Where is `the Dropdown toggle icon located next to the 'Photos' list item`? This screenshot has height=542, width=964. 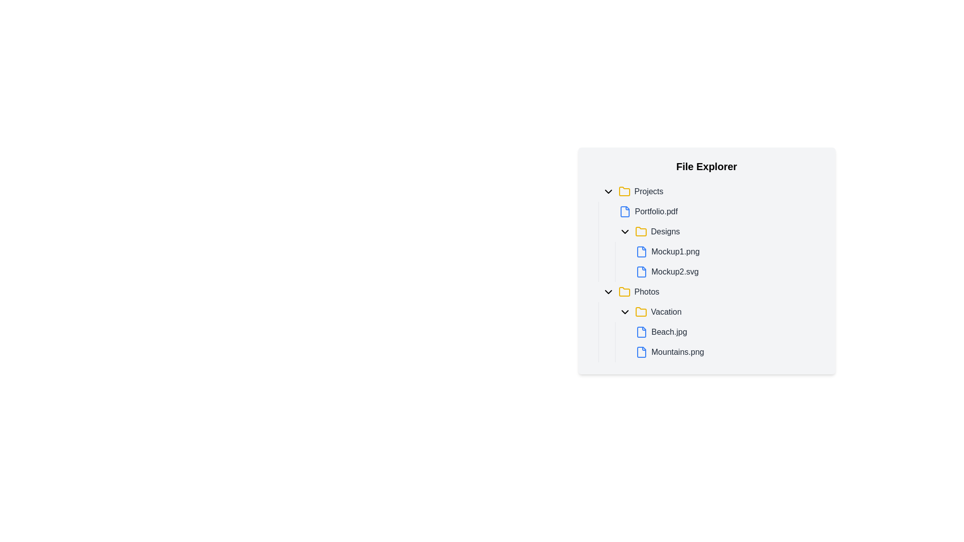
the Dropdown toggle icon located next to the 'Photos' list item is located at coordinates (608, 292).